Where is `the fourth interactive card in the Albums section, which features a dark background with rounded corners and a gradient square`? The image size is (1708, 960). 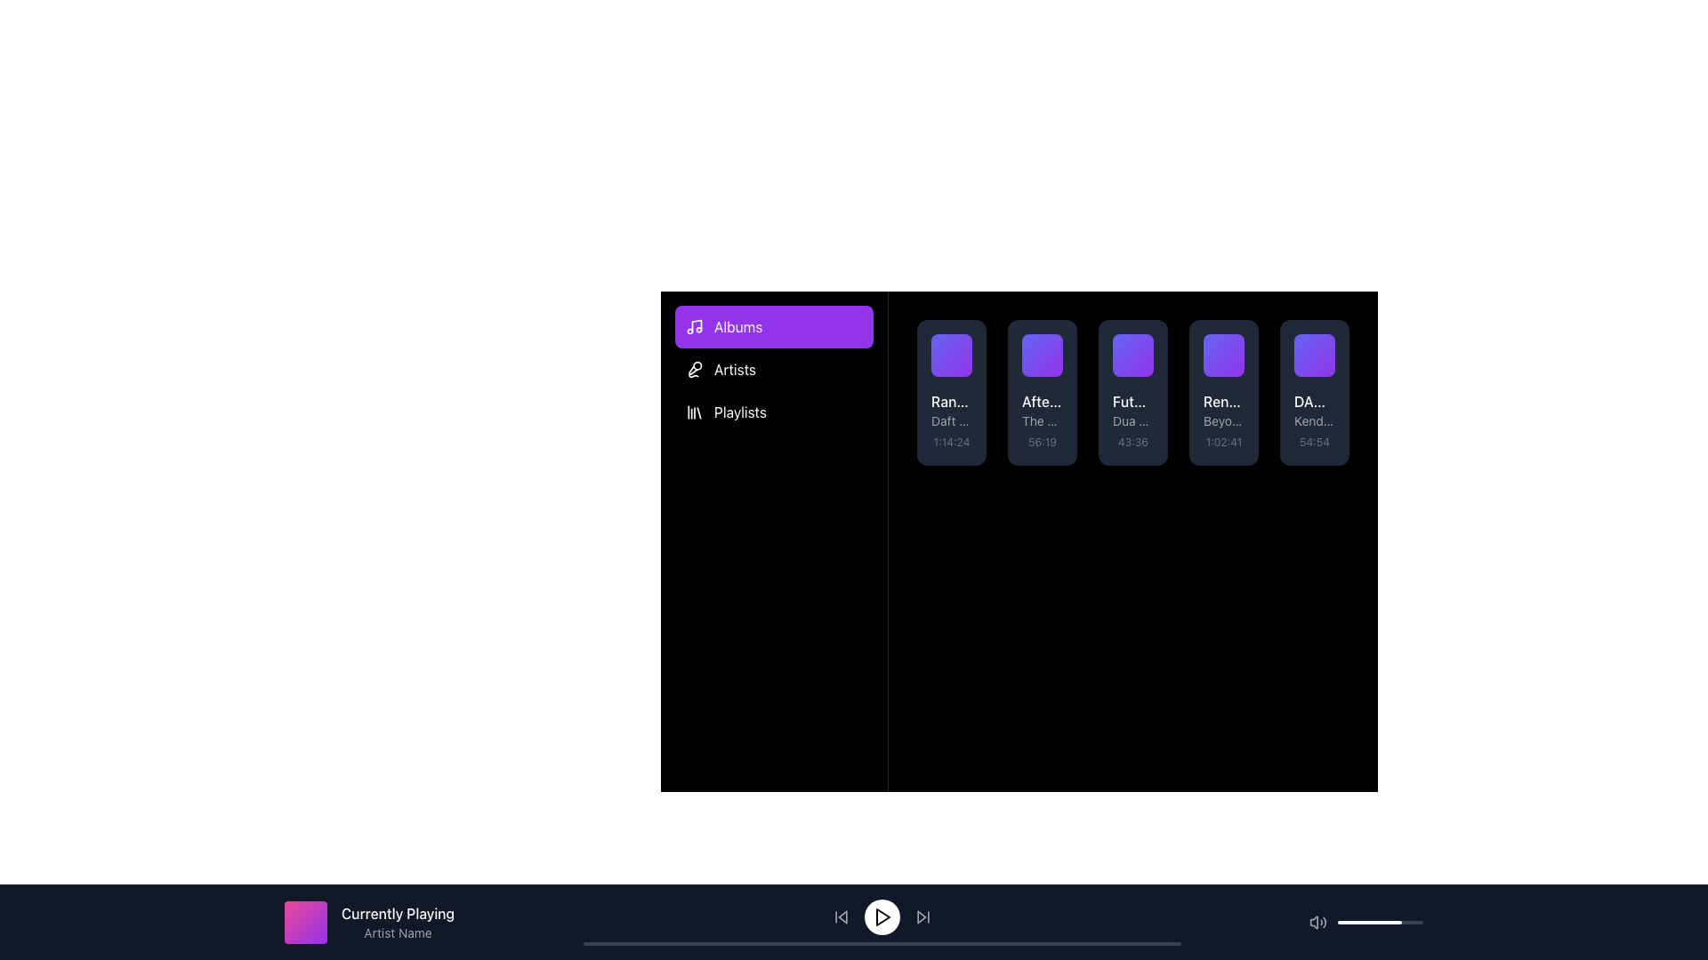 the fourth interactive card in the Albums section, which features a dark background with rounded corners and a gradient square is located at coordinates (1223, 392).